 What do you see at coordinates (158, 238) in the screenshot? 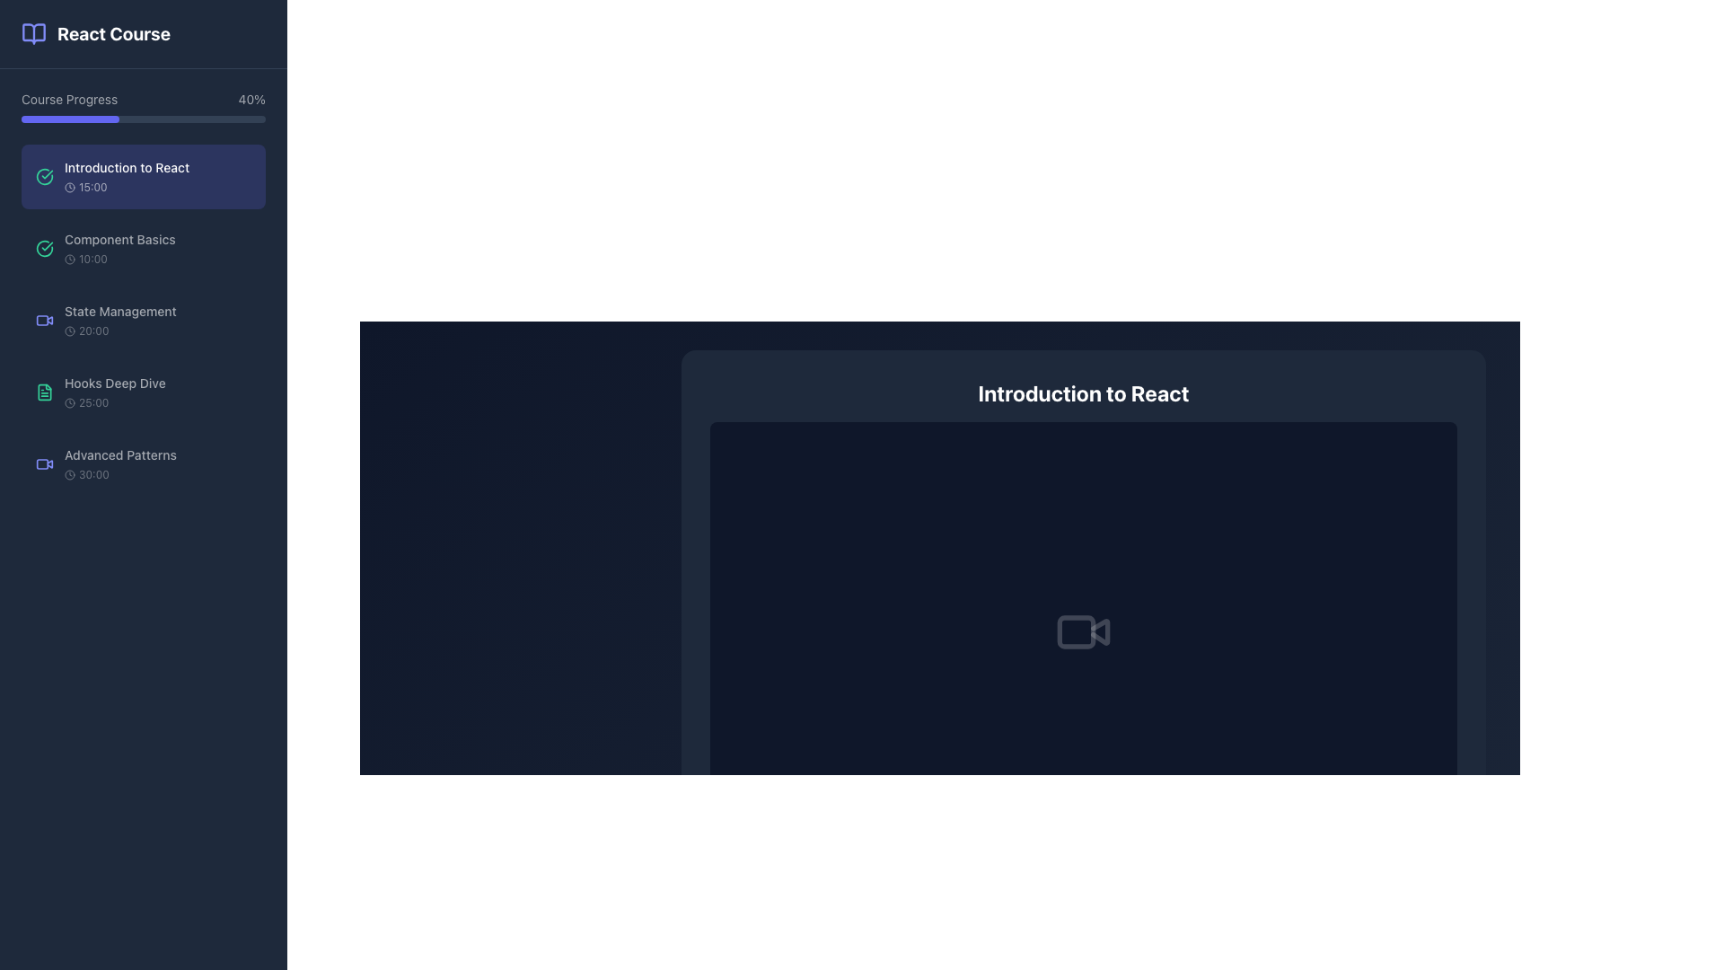
I see `the Text Label indicating the specific course module title positioned in the left sidebar, beneath 'Introduction to React' and above 'State Management'` at bounding box center [158, 238].